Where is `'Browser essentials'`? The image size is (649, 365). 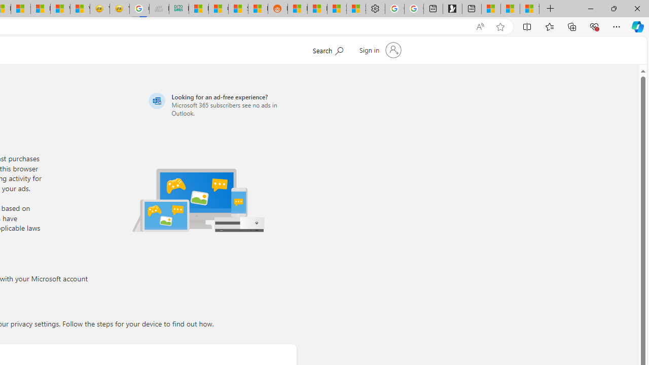
'Browser essentials' is located at coordinates (594, 26).